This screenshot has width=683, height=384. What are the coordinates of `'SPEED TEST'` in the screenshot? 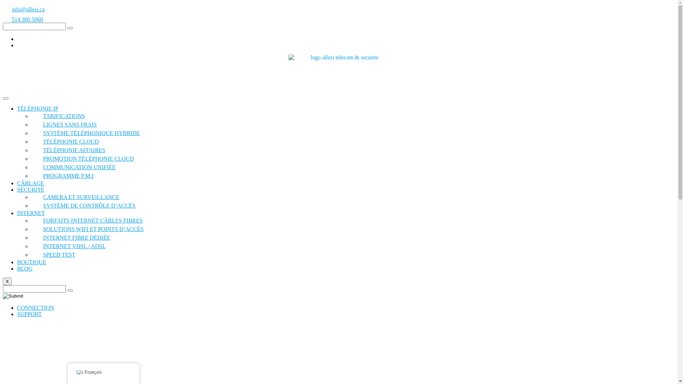 It's located at (63, 254).